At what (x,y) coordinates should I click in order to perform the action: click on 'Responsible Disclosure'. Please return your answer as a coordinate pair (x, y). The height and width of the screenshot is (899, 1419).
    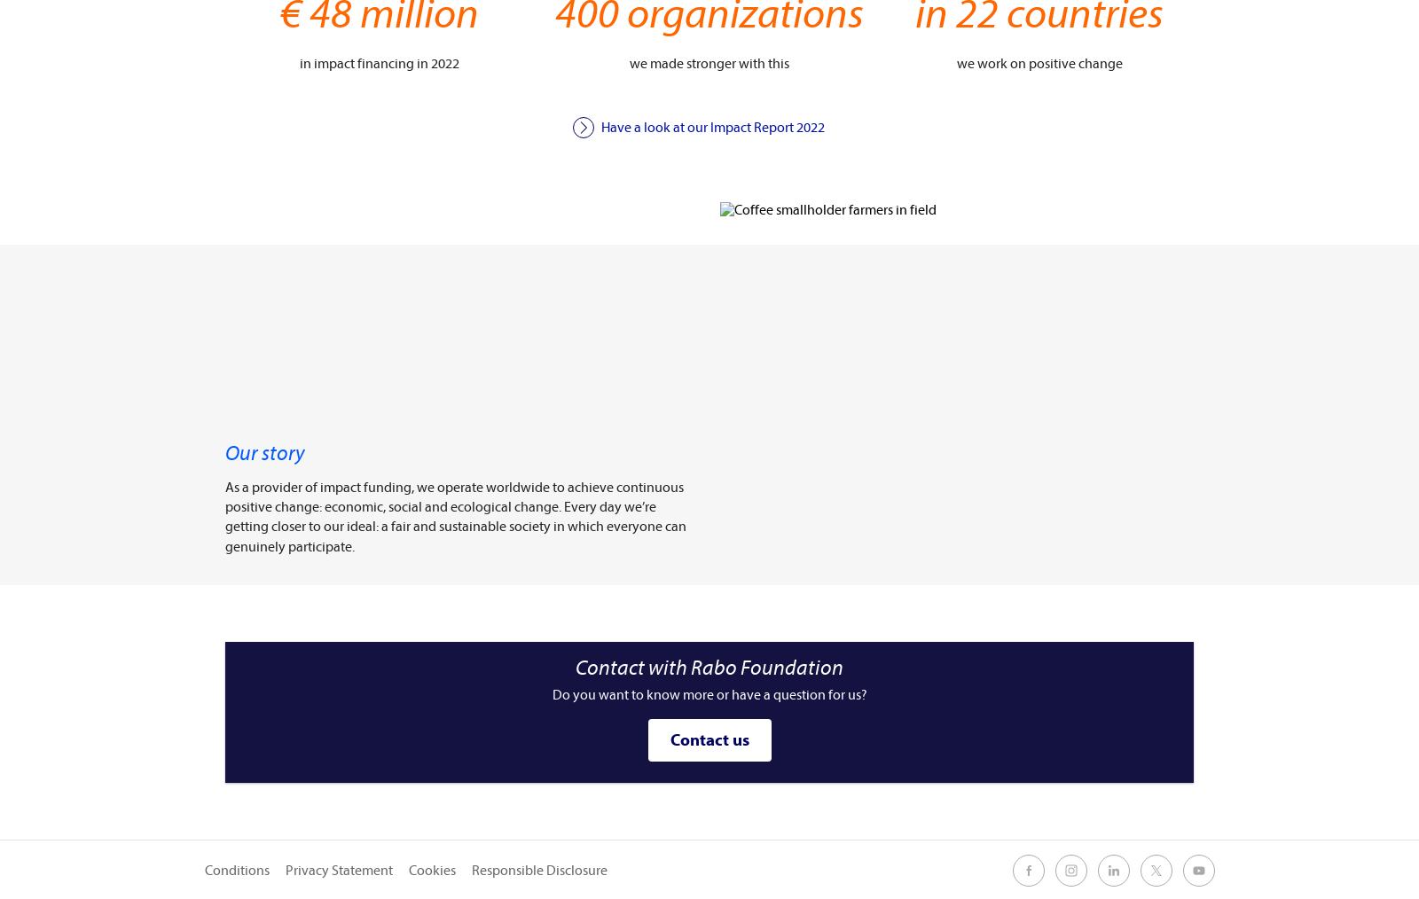
    Looking at the image, I should click on (471, 870).